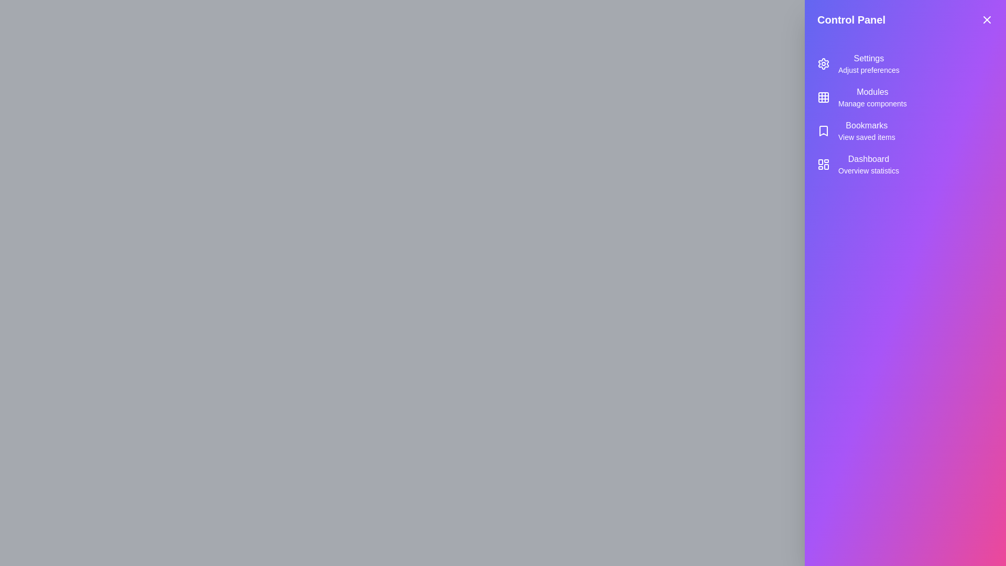 The image size is (1006, 566). What do you see at coordinates (823, 130) in the screenshot?
I see `the bookmark icon located to the left of the 'Bookmarks' menu item in the control panel` at bounding box center [823, 130].